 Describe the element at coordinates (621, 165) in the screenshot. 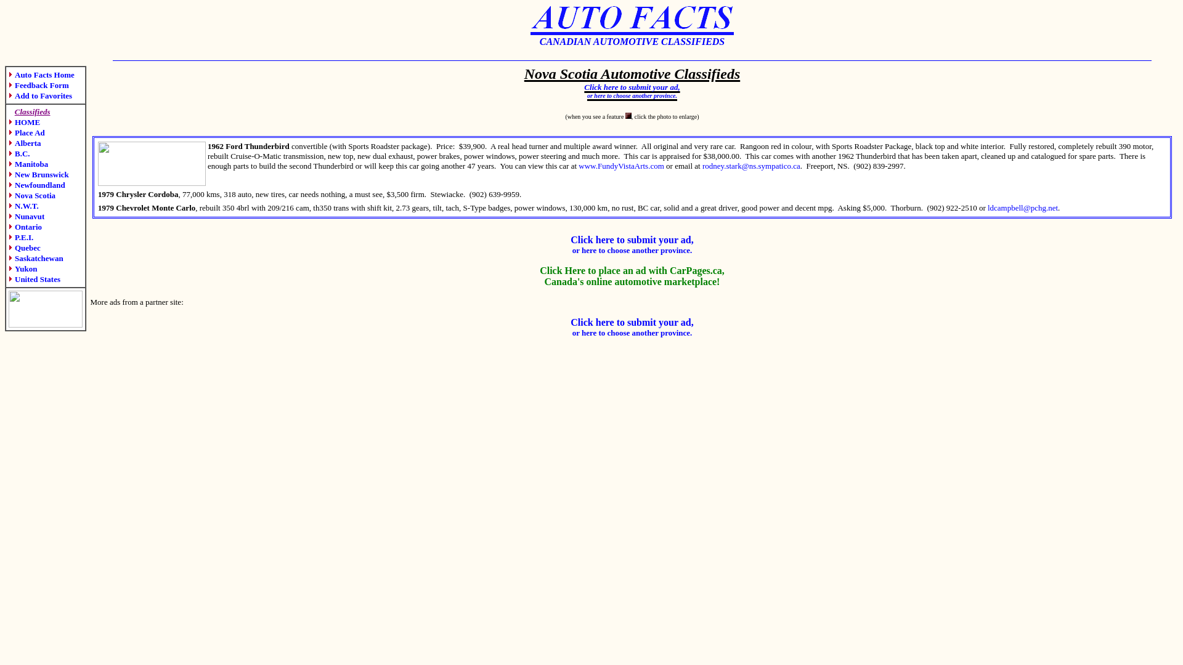

I see `'www.FundyVistaArts.com'` at that location.